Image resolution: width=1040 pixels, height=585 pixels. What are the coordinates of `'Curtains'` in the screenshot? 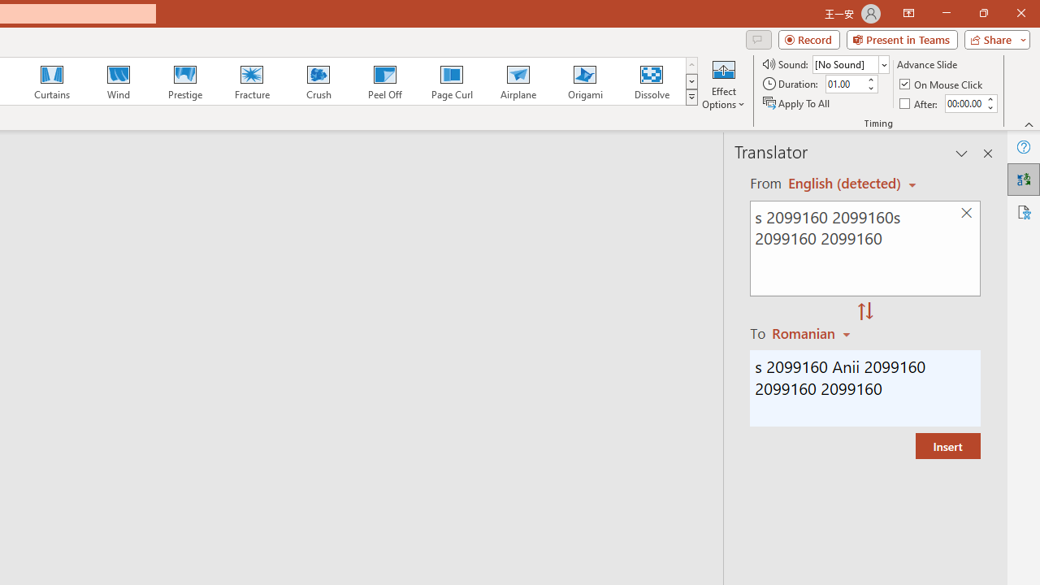 It's located at (52, 81).